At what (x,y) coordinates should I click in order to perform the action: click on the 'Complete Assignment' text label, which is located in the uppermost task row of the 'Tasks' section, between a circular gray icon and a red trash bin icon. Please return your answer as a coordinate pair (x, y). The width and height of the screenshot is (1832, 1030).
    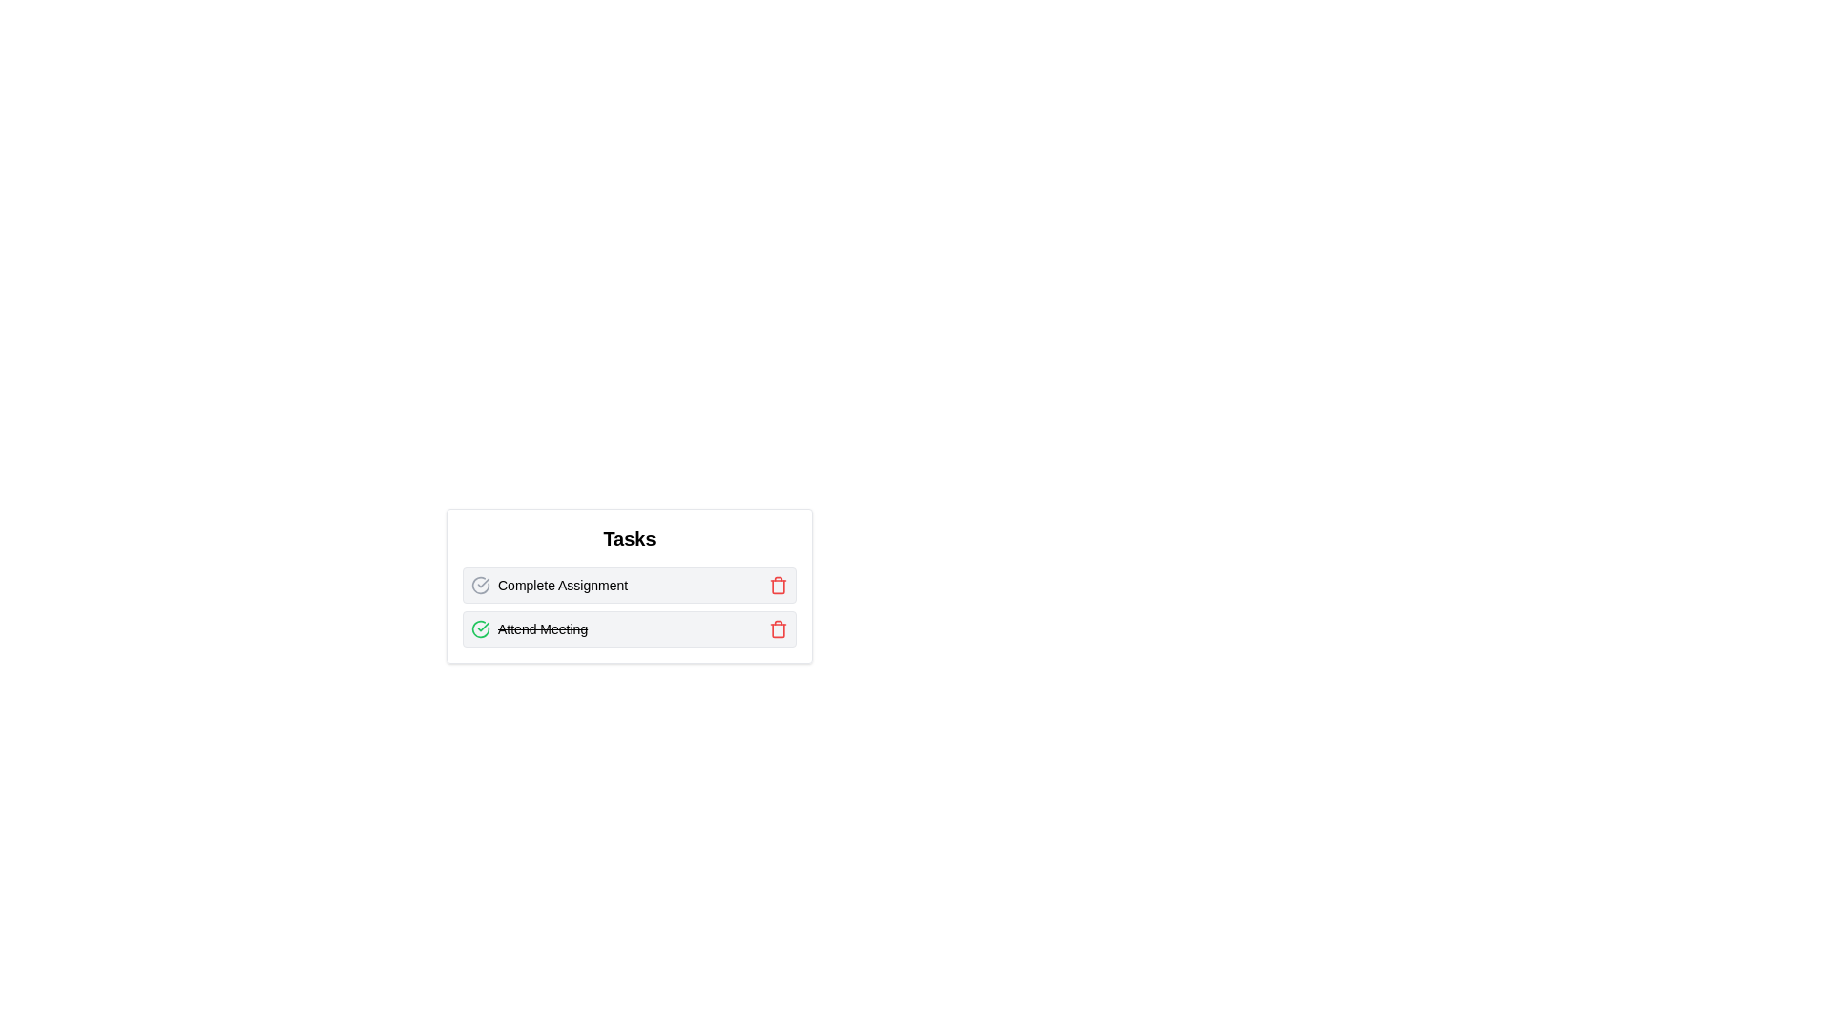
    Looking at the image, I should click on (562, 584).